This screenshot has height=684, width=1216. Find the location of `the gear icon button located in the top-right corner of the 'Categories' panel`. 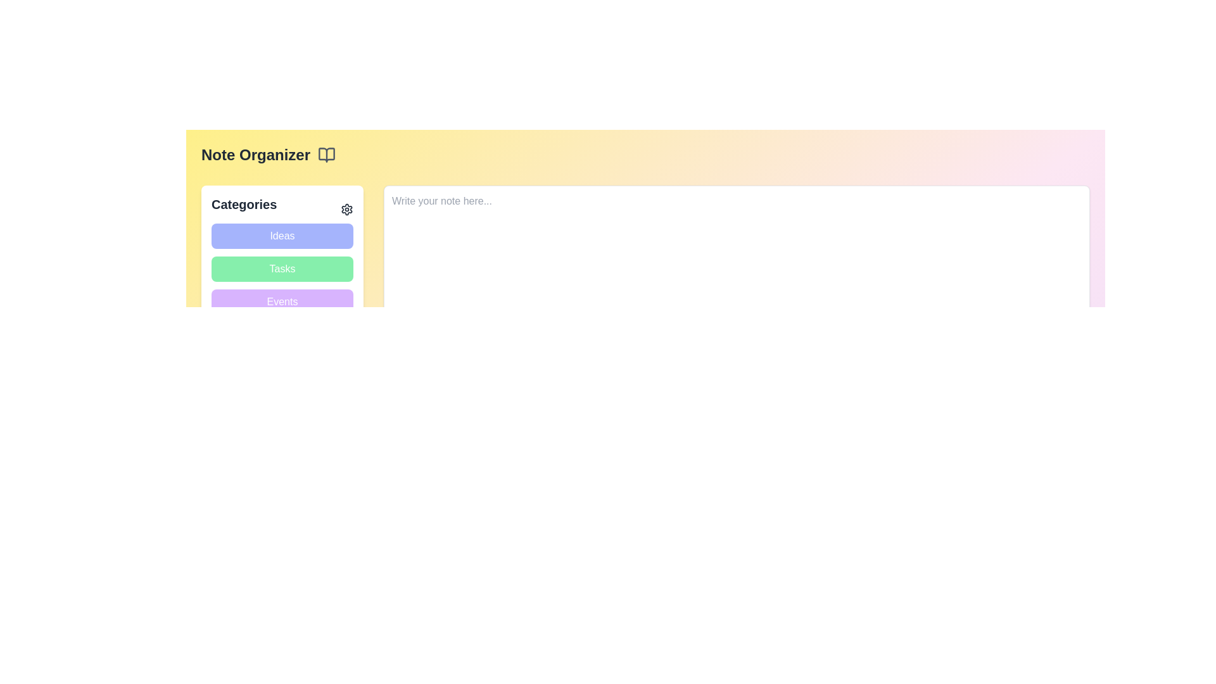

the gear icon button located in the top-right corner of the 'Categories' panel is located at coordinates (346, 209).